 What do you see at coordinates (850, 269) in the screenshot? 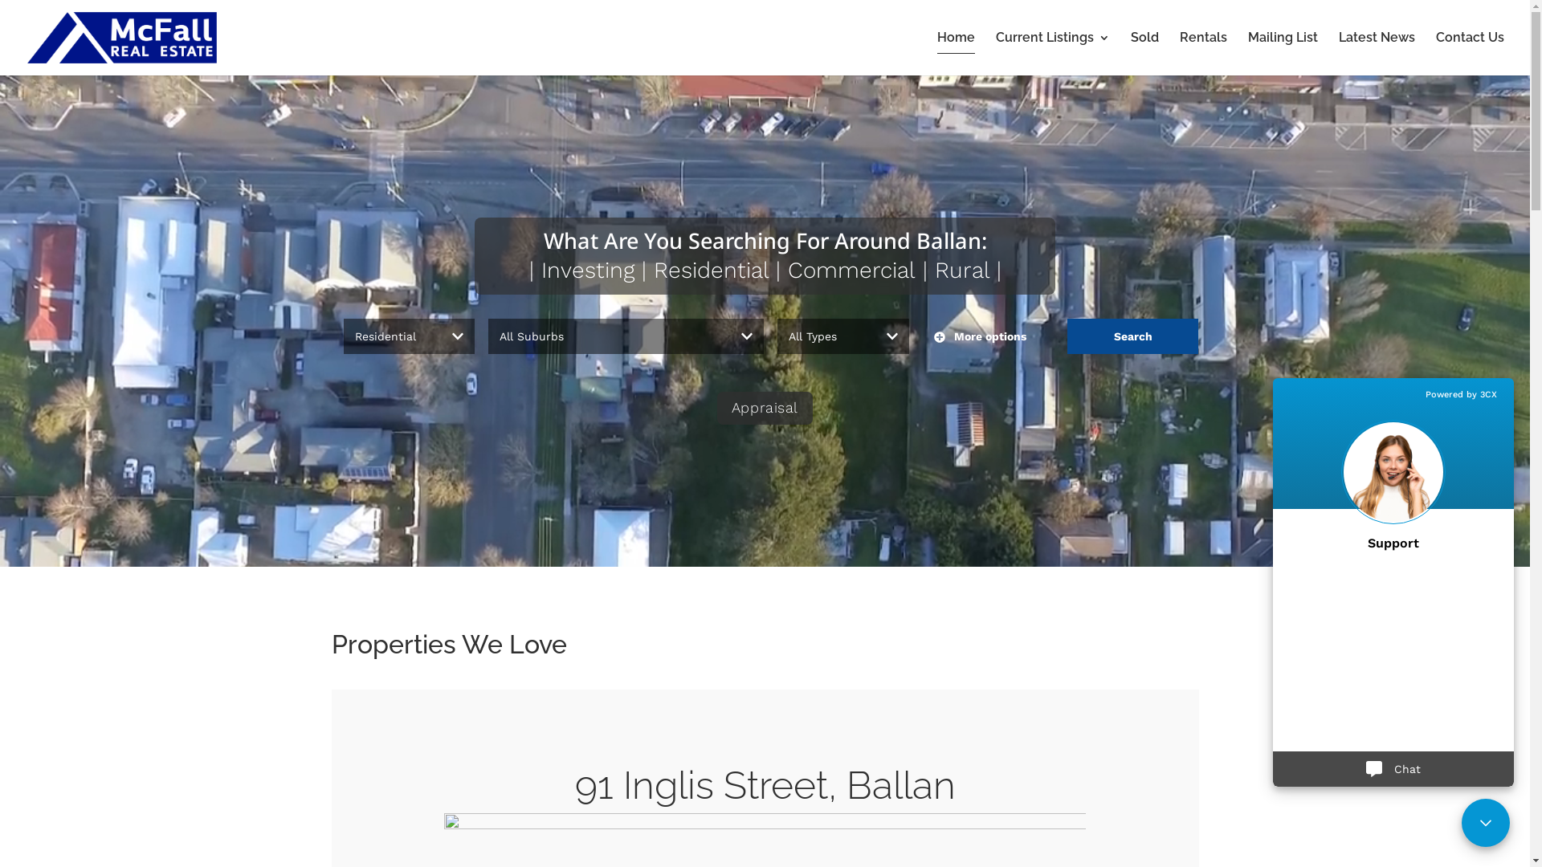
I see `'Commercial'` at bounding box center [850, 269].